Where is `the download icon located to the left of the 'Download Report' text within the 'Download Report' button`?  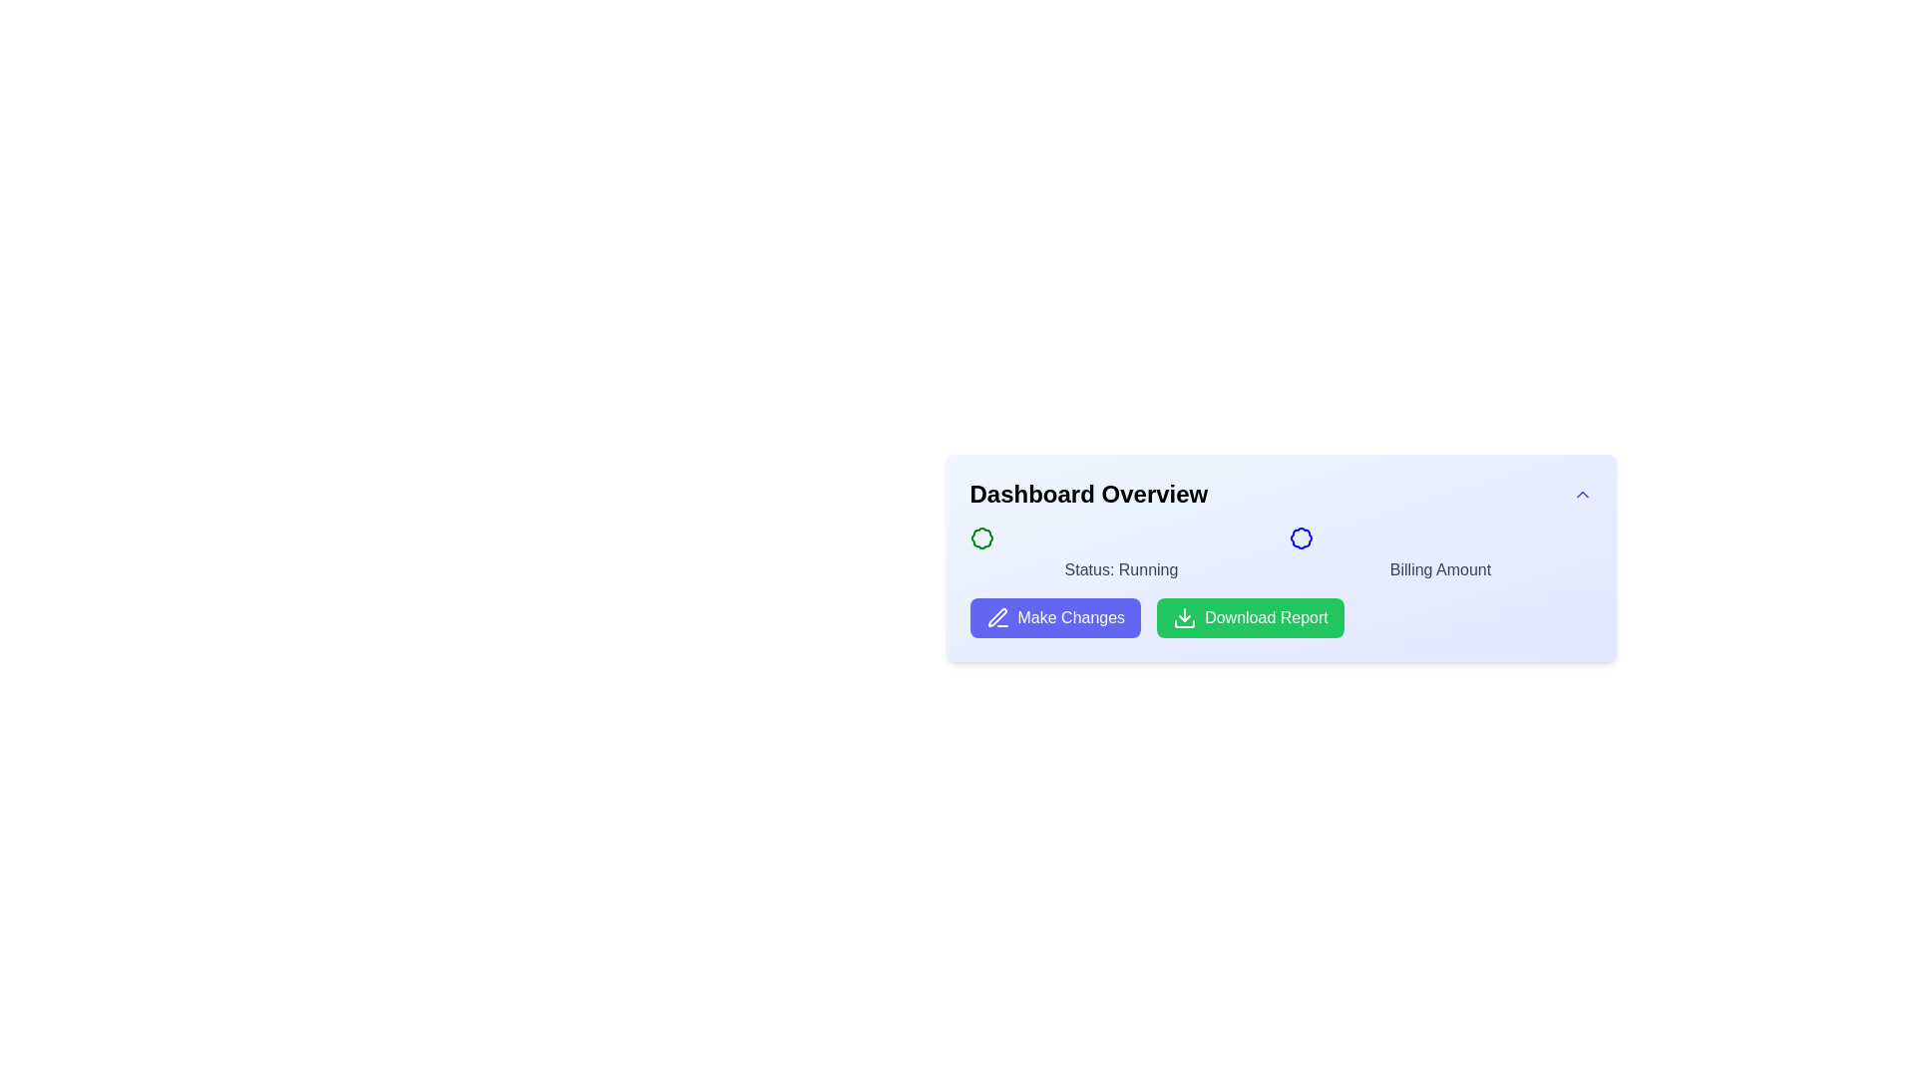
the download icon located to the left of the 'Download Report' text within the 'Download Report' button is located at coordinates (1185, 617).